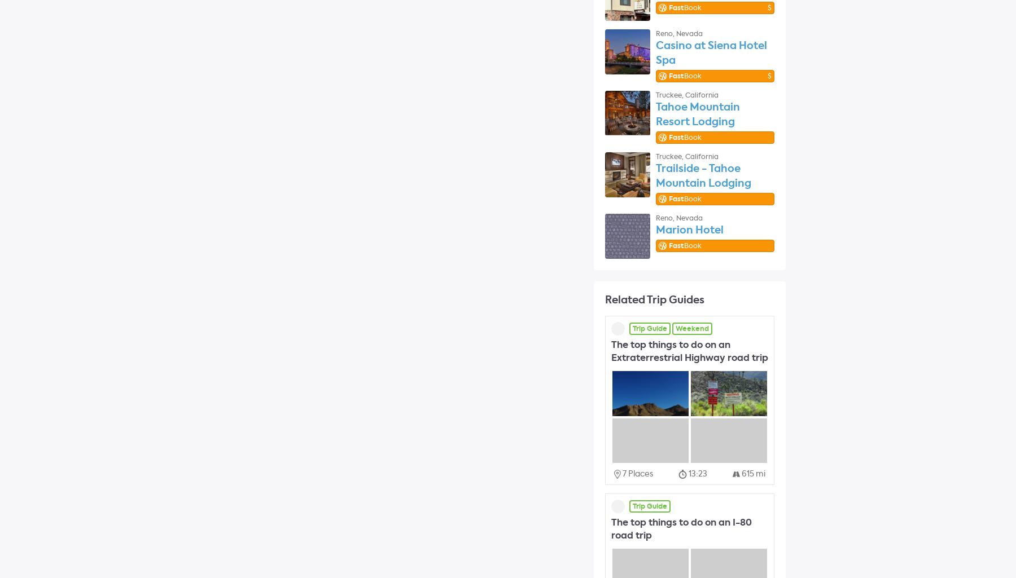 The width and height of the screenshot is (1016, 578). What do you see at coordinates (655, 114) in the screenshot?
I see `'Tahoe Mountain Resort Lodging'` at bounding box center [655, 114].